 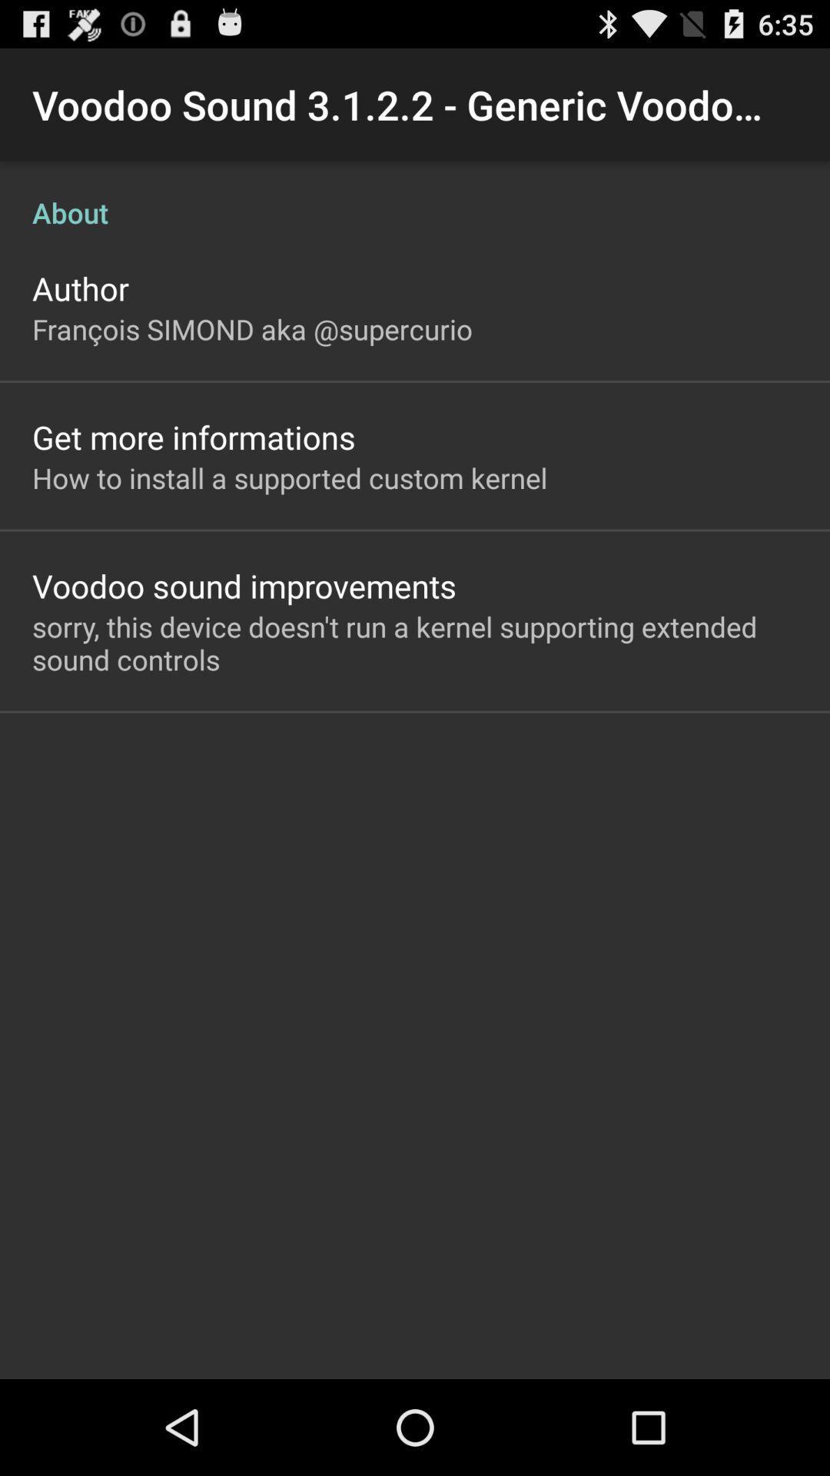 I want to click on item above the author icon, so click(x=415, y=195).